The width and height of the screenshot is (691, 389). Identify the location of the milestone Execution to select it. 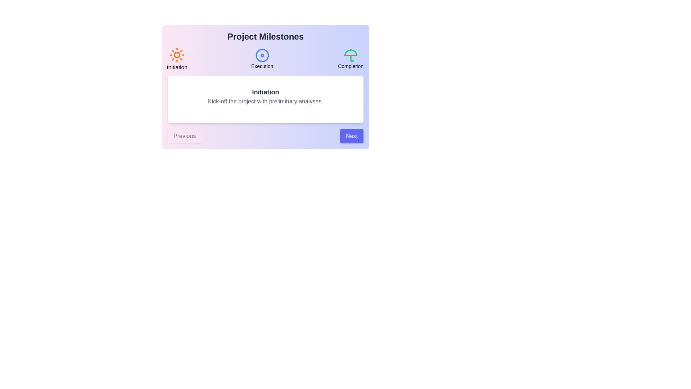
(262, 59).